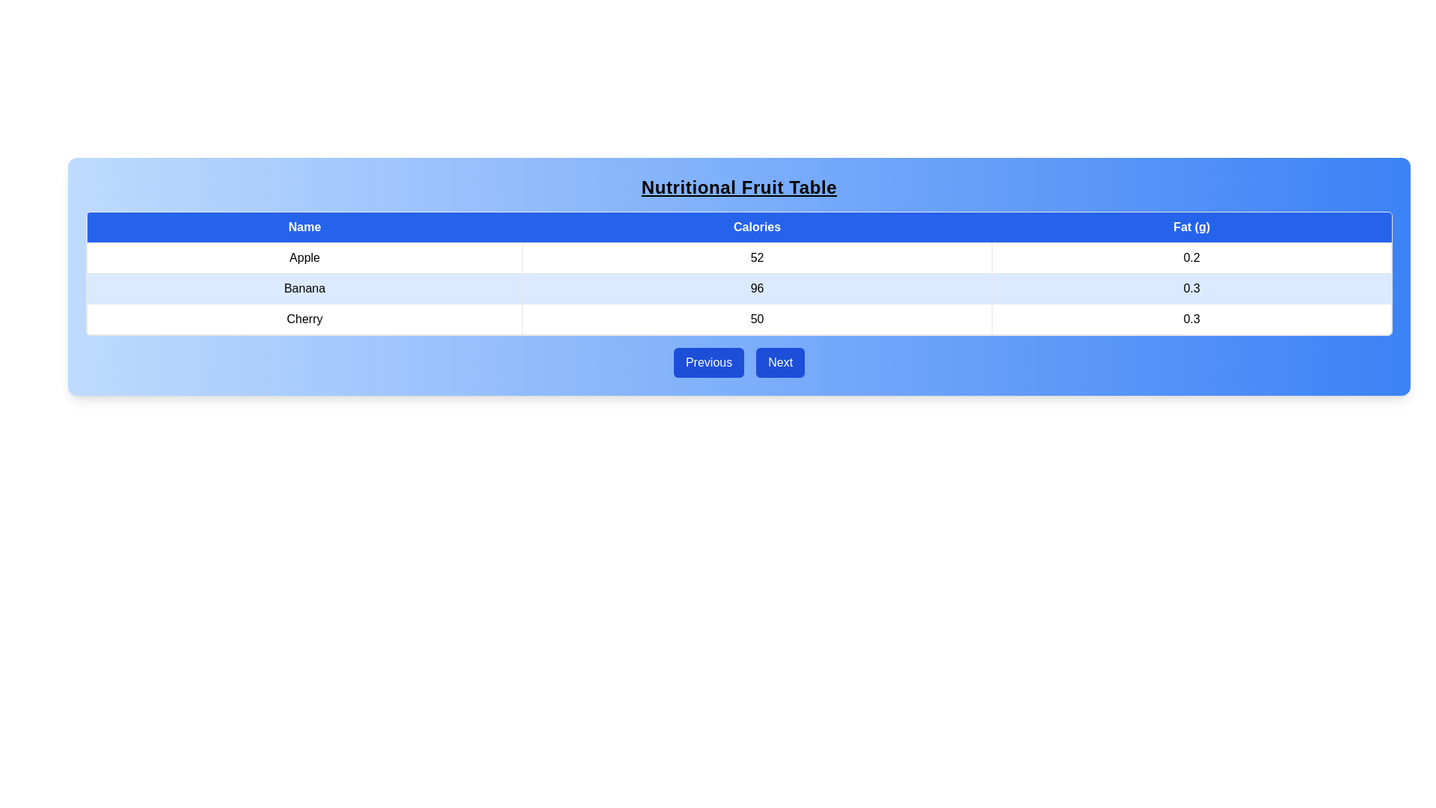 The width and height of the screenshot is (1436, 808). Describe the element at coordinates (304, 319) in the screenshot. I see `the 'Cherry' text label, which is located in the leftmost cell of the third row of a nutritional information table` at that location.